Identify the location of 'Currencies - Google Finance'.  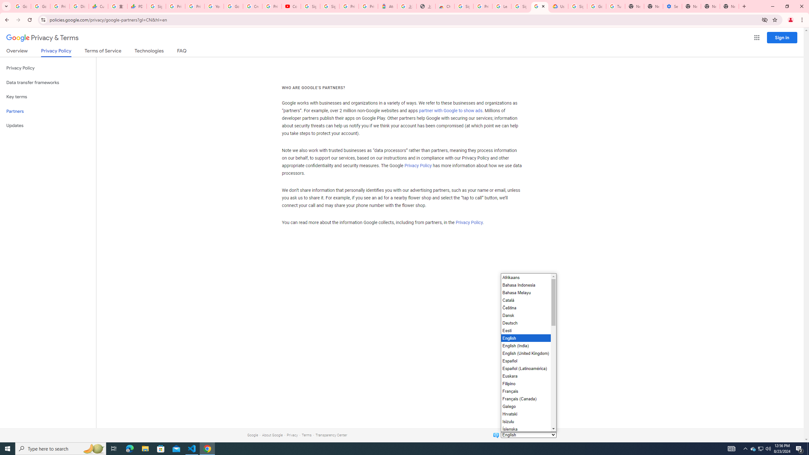
(98, 6).